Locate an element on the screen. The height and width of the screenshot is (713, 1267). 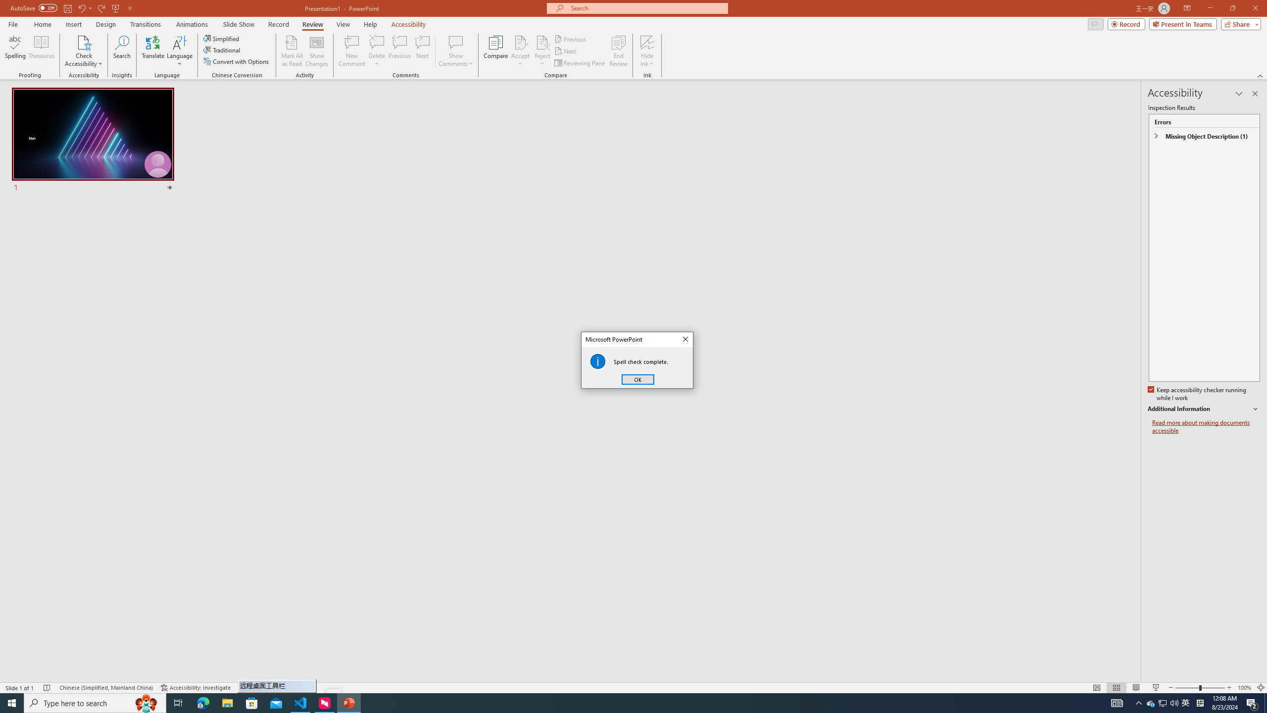
'Accept' is located at coordinates (520, 51).